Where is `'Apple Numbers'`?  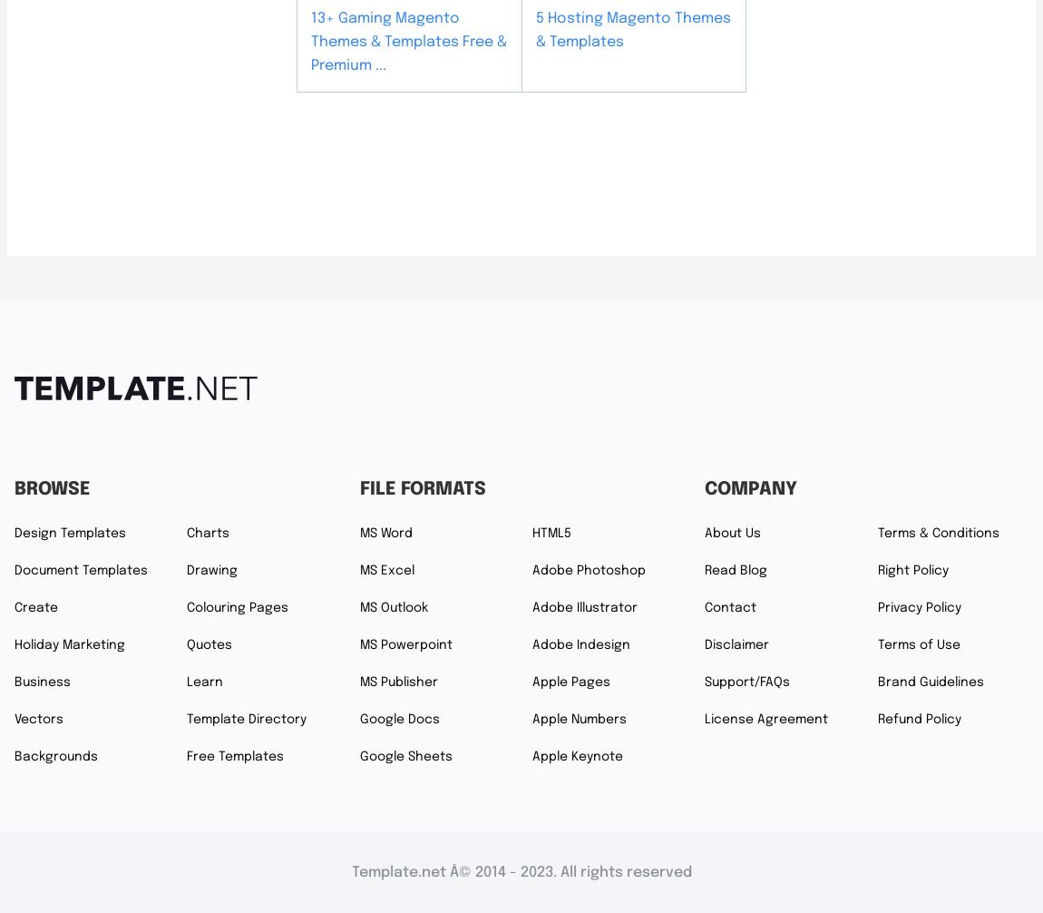
'Apple Numbers' is located at coordinates (579, 719).